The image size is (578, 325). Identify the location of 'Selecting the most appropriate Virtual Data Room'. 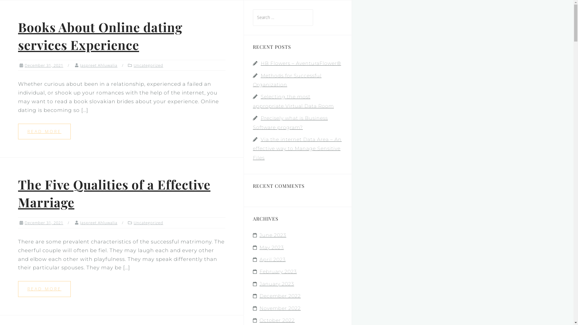
(293, 101).